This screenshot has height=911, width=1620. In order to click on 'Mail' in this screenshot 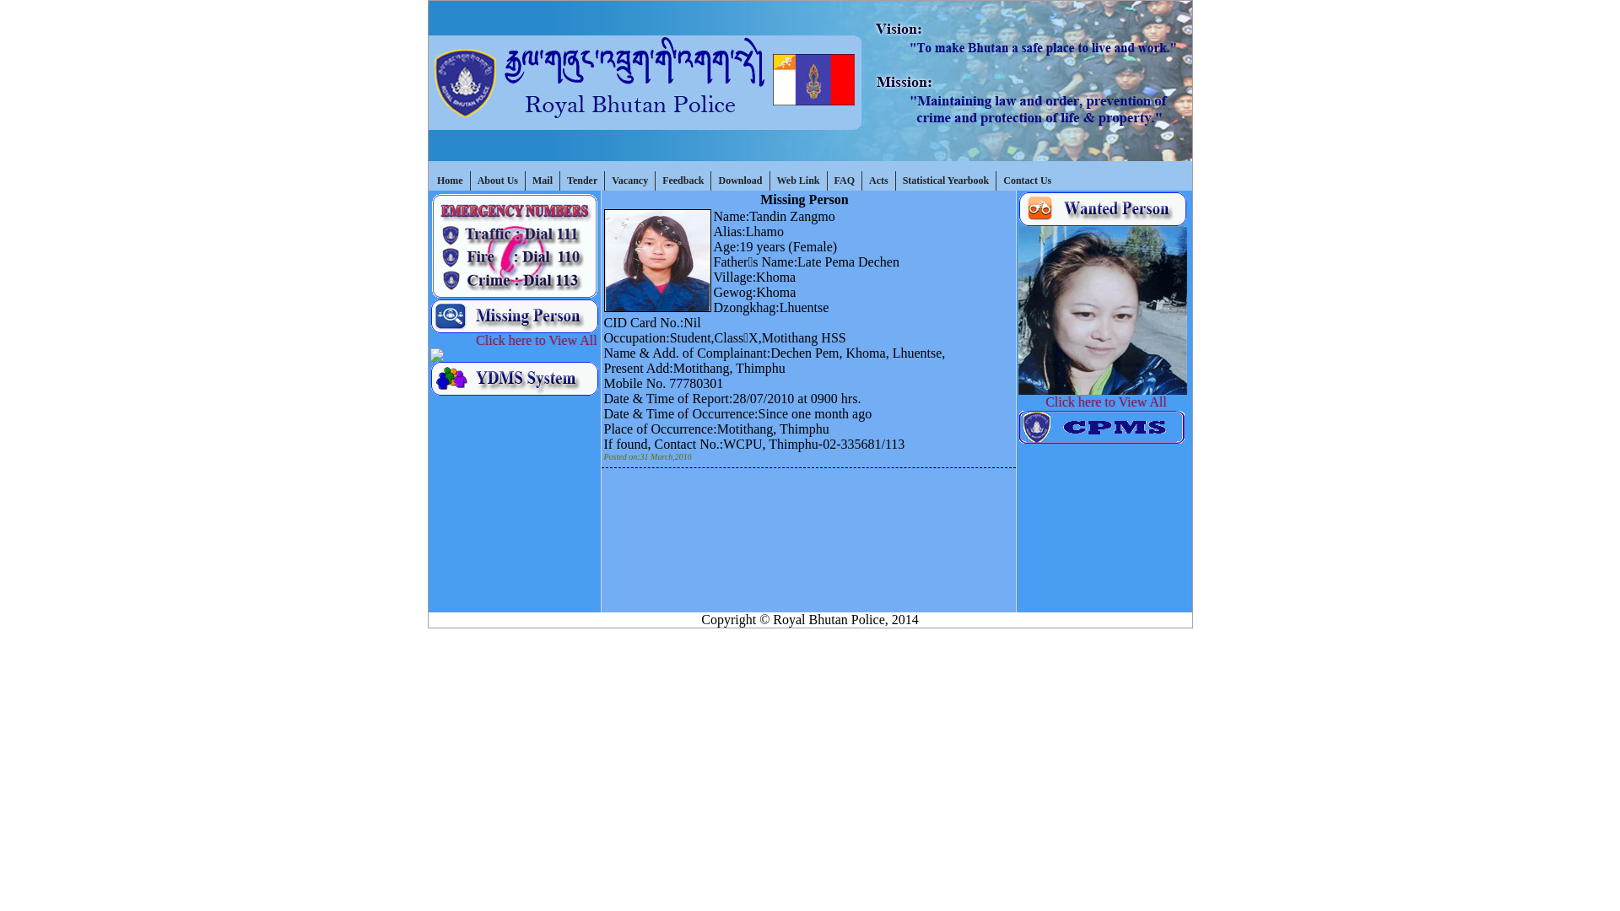, I will do `click(543, 181)`.